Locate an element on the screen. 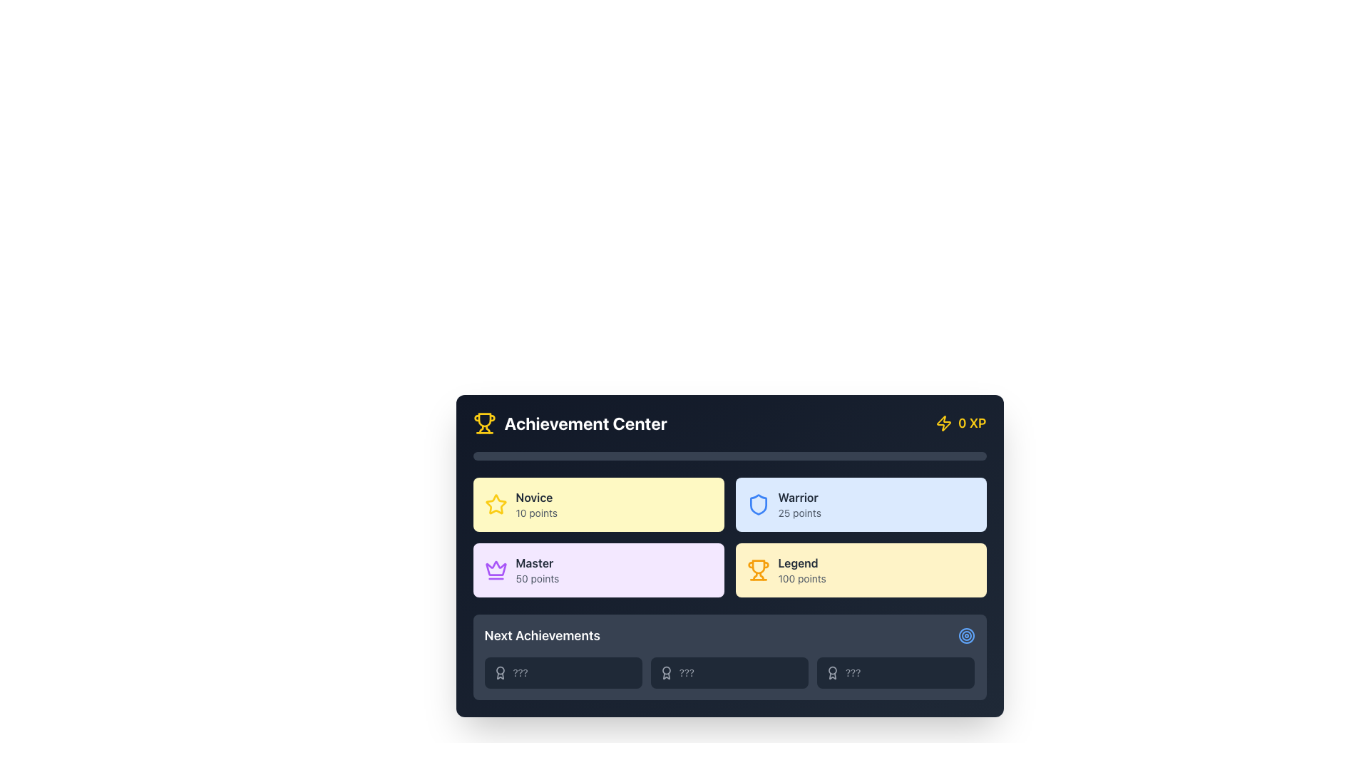 Image resolution: width=1369 pixels, height=770 pixels. the informational text element with a yellow lightning bolt icon and '0 XP' text located at the top-right corner of the Achievement Center panel is located at coordinates (960, 423).